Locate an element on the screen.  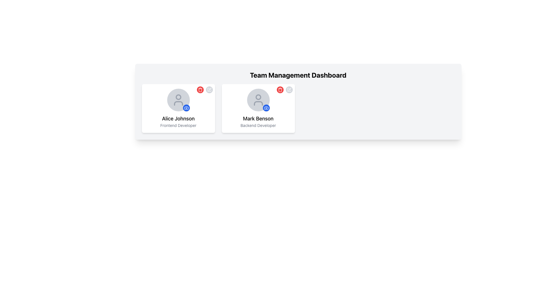
the avatar area of the Profile Card representing user Mark Benson is located at coordinates (258, 108).